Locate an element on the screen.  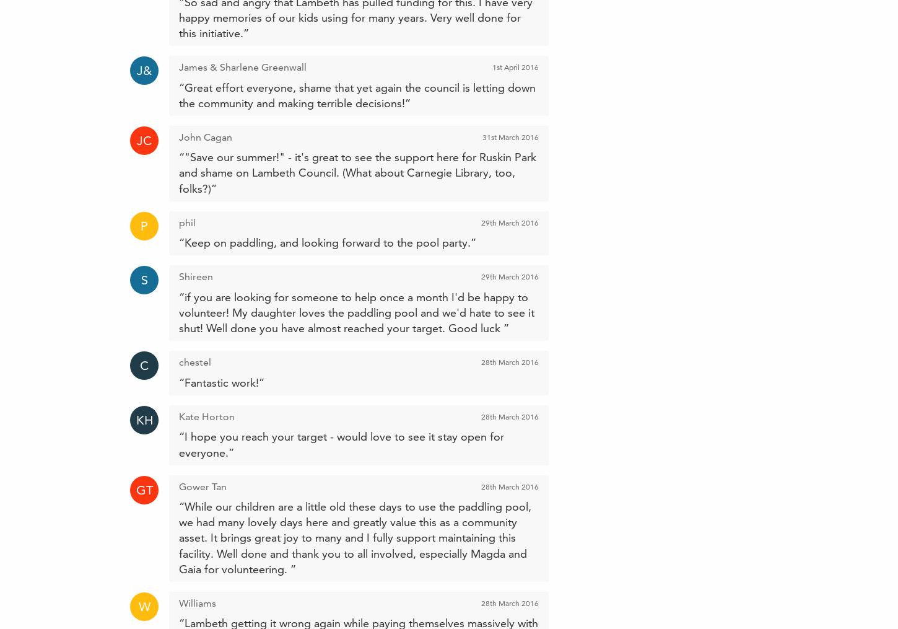
'Fantastic work!' is located at coordinates (184, 381).